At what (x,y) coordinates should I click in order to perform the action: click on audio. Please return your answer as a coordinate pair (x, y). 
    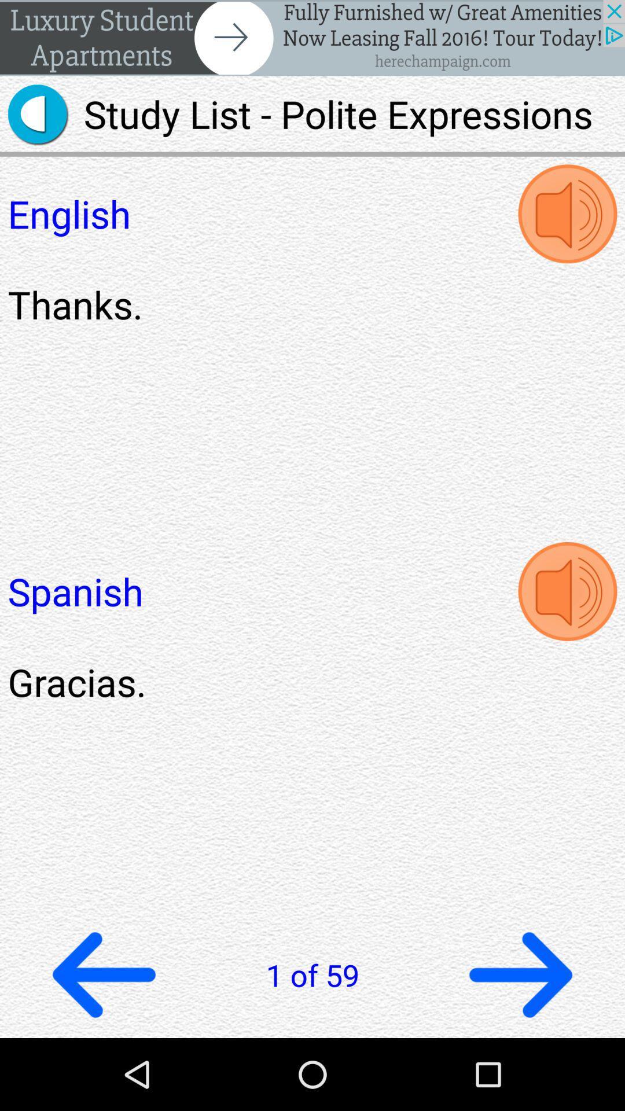
    Looking at the image, I should click on (567, 591).